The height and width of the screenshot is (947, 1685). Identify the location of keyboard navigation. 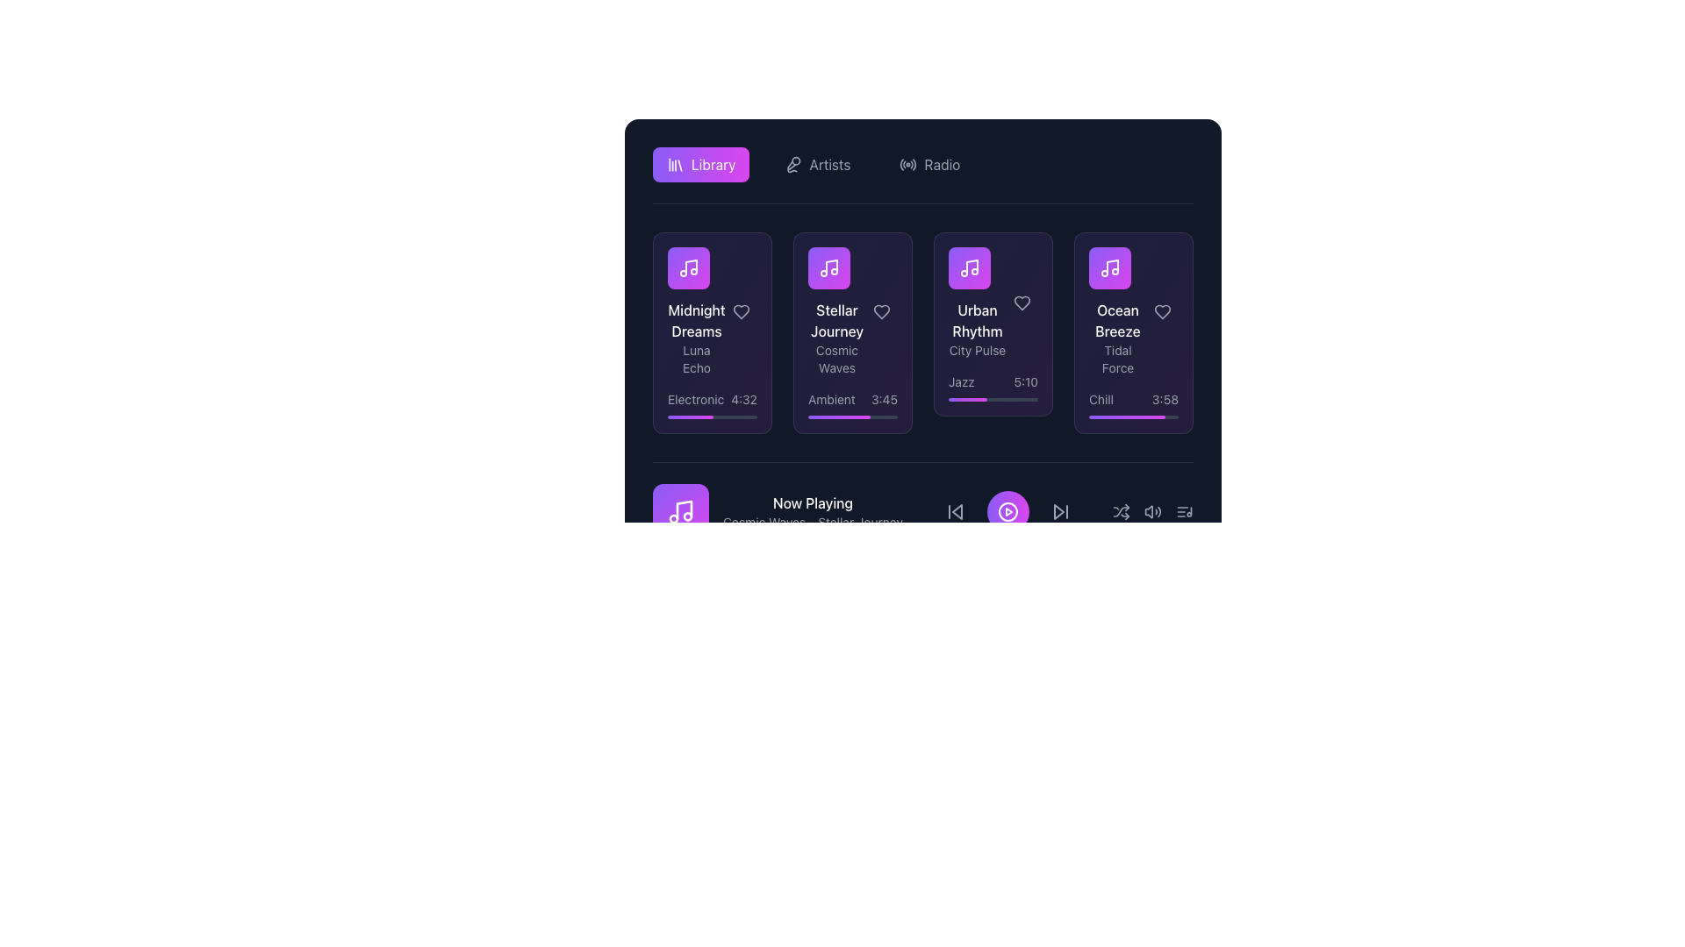
(1007, 511).